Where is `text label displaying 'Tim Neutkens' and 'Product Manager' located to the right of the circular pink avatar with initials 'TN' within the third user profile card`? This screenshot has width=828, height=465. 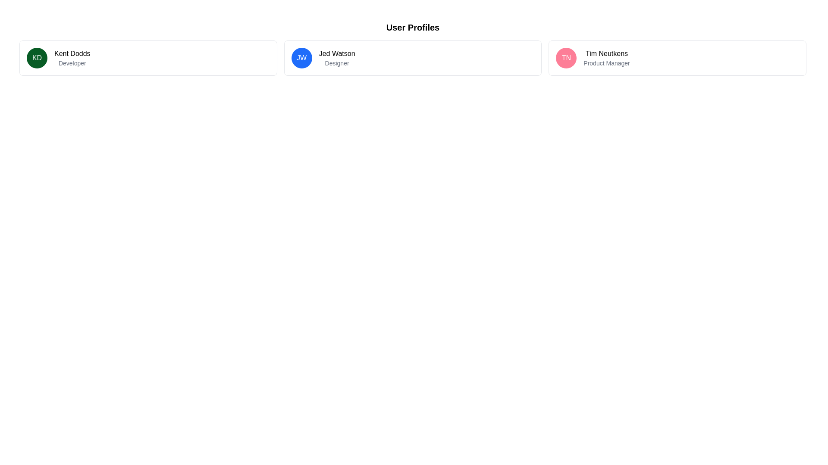 text label displaying 'Tim Neutkens' and 'Product Manager' located to the right of the circular pink avatar with initials 'TN' within the third user profile card is located at coordinates (606, 58).